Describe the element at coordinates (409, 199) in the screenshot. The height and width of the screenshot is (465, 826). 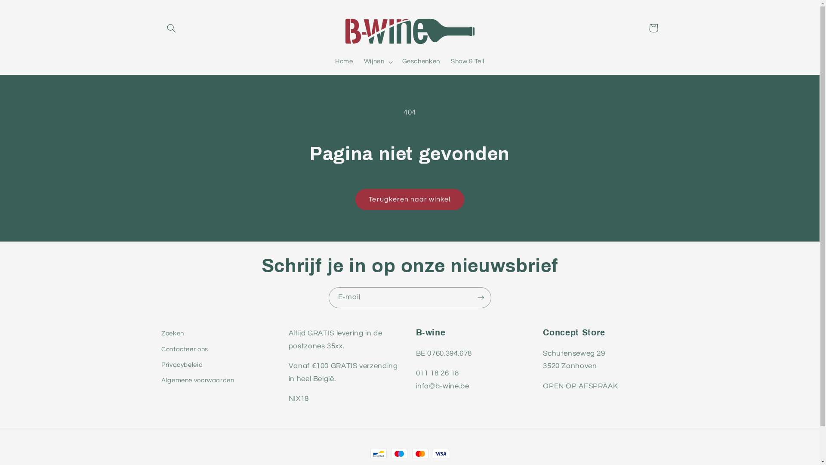
I see `'Terugkeren naar winkel'` at that location.